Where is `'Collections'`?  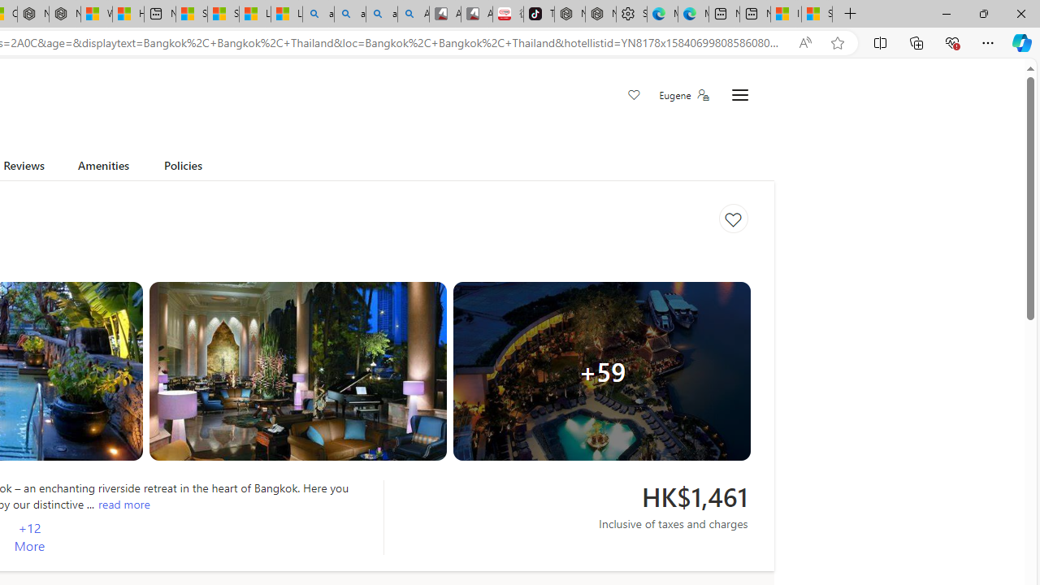 'Collections' is located at coordinates (916, 41).